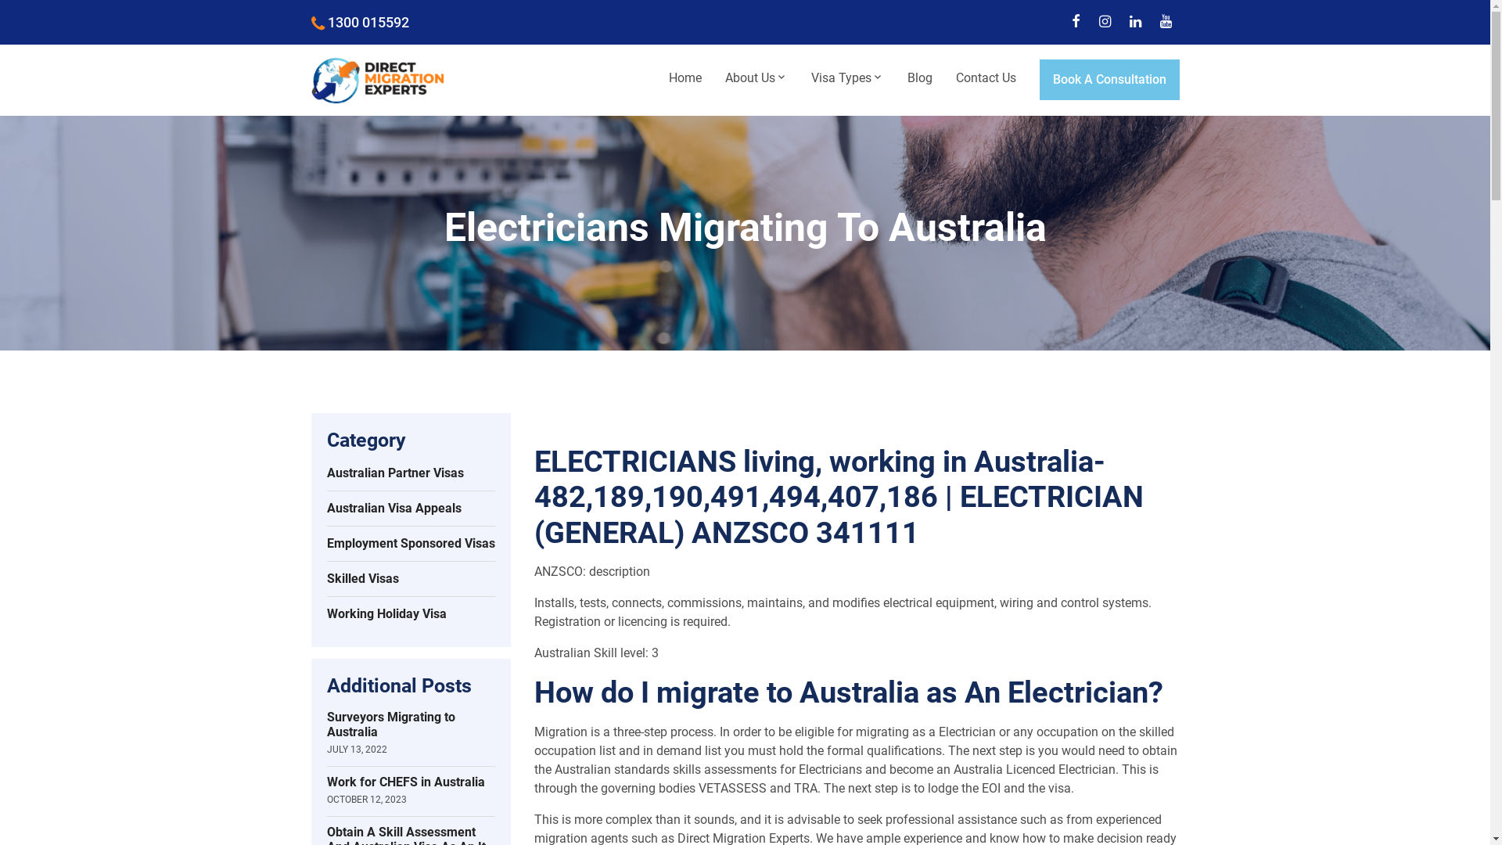  Describe the element at coordinates (984, 78) in the screenshot. I see `'Contact Us'` at that location.